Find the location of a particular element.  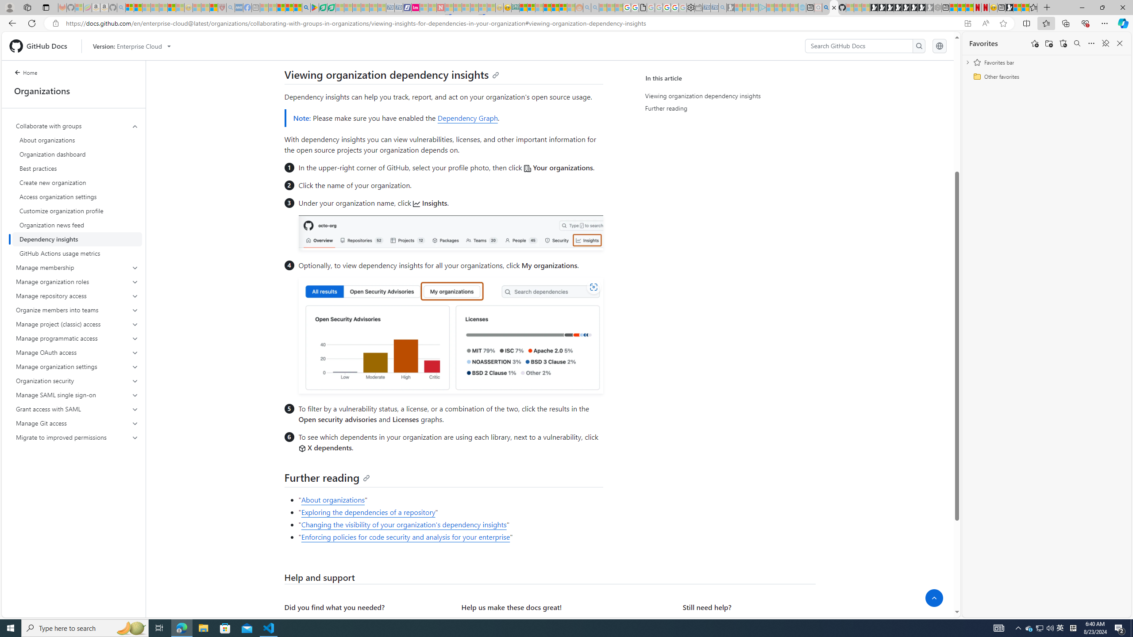

'Dependency insights' is located at coordinates (77, 239).